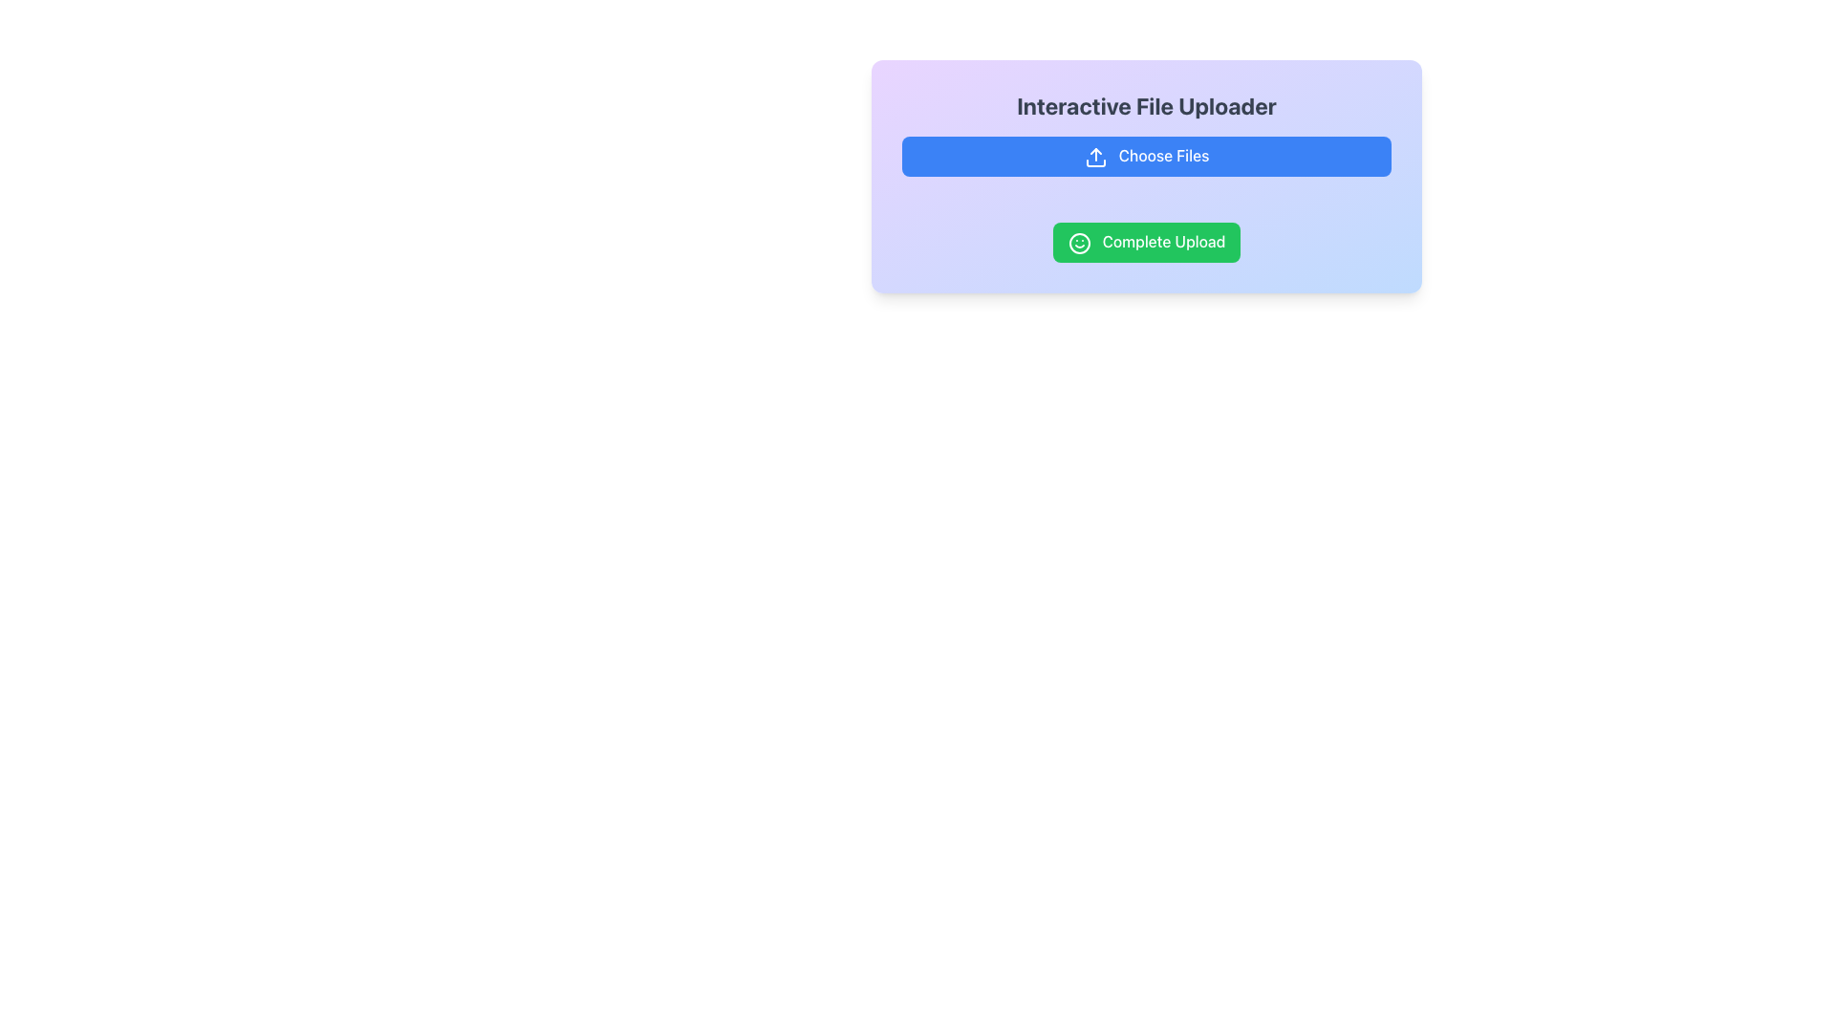  I want to click on the circular decorative icon in the green 'Complete Upload' button, which is located to the left of the button's label, so click(1079, 242).